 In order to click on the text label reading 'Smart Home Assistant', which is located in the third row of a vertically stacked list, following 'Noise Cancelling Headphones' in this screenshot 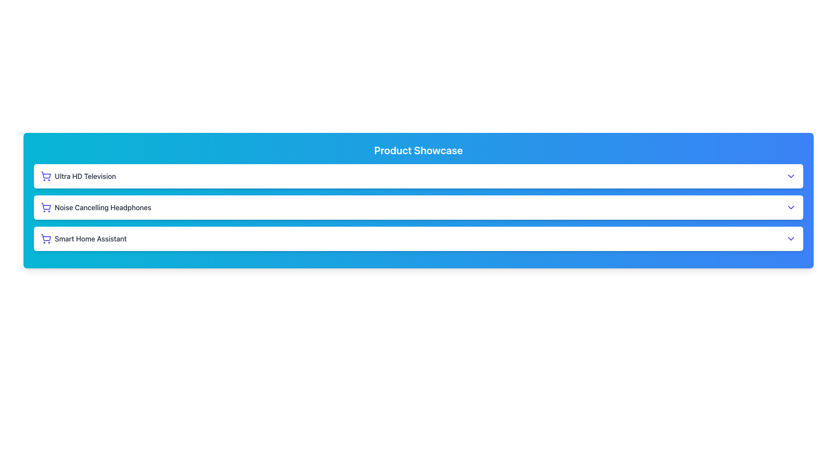, I will do `click(90, 239)`.